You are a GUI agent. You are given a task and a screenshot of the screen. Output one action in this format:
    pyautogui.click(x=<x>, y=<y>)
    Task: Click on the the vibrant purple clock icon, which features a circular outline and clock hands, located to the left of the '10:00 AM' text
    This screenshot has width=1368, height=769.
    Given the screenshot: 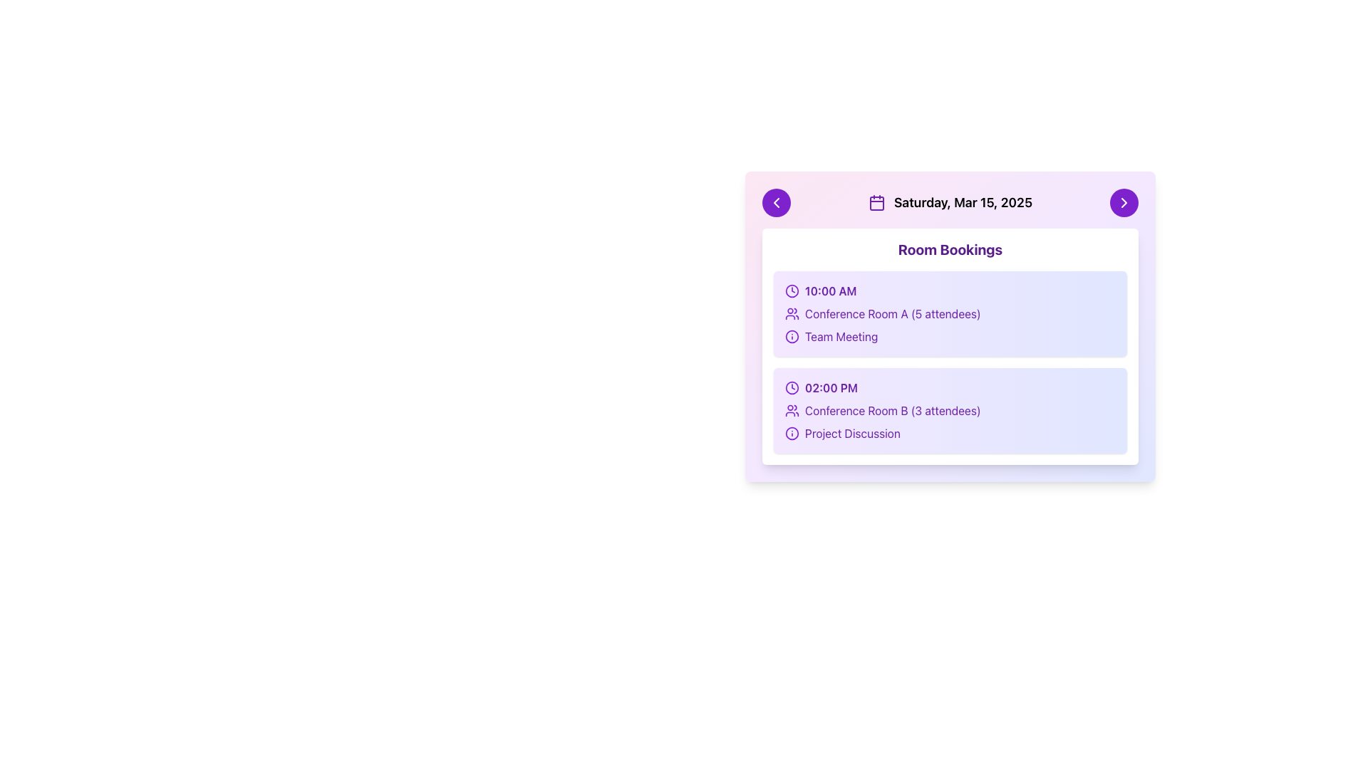 What is the action you would take?
    pyautogui.click(x=792, y=290)
    